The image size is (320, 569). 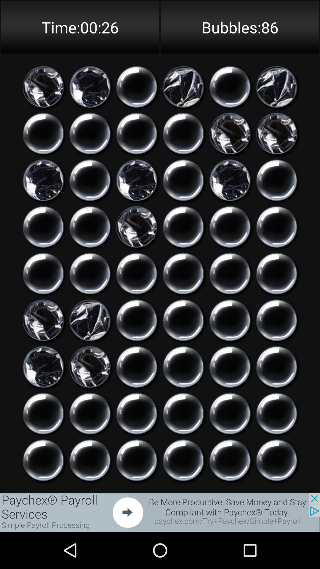 What do you see at coordinates (137, 293) in the screenshot?
I see `the refresh icon` at bounding box center [137, 293].